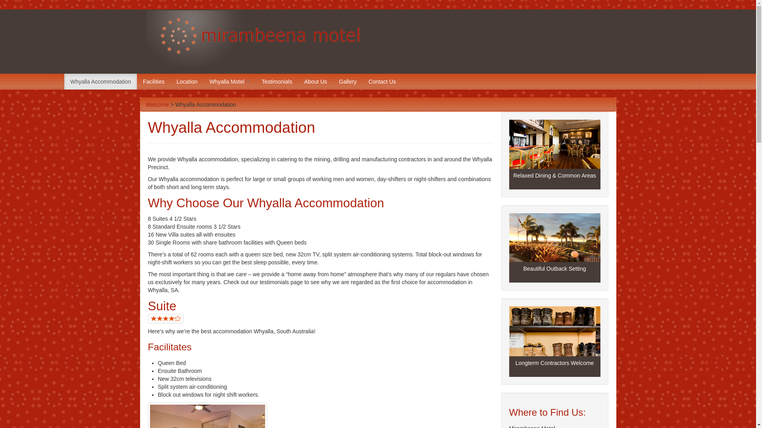 The width and height of the screenshot is (762, 428). I want to click on 'About Us', so click(315, 81).